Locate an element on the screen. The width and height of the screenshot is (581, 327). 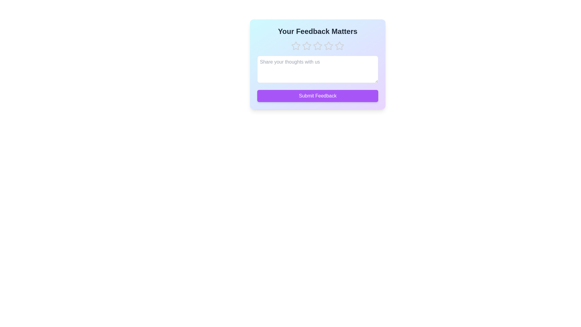
the 'Submit Feedback' button to submit the feedback is located at coordinates (317, 95).